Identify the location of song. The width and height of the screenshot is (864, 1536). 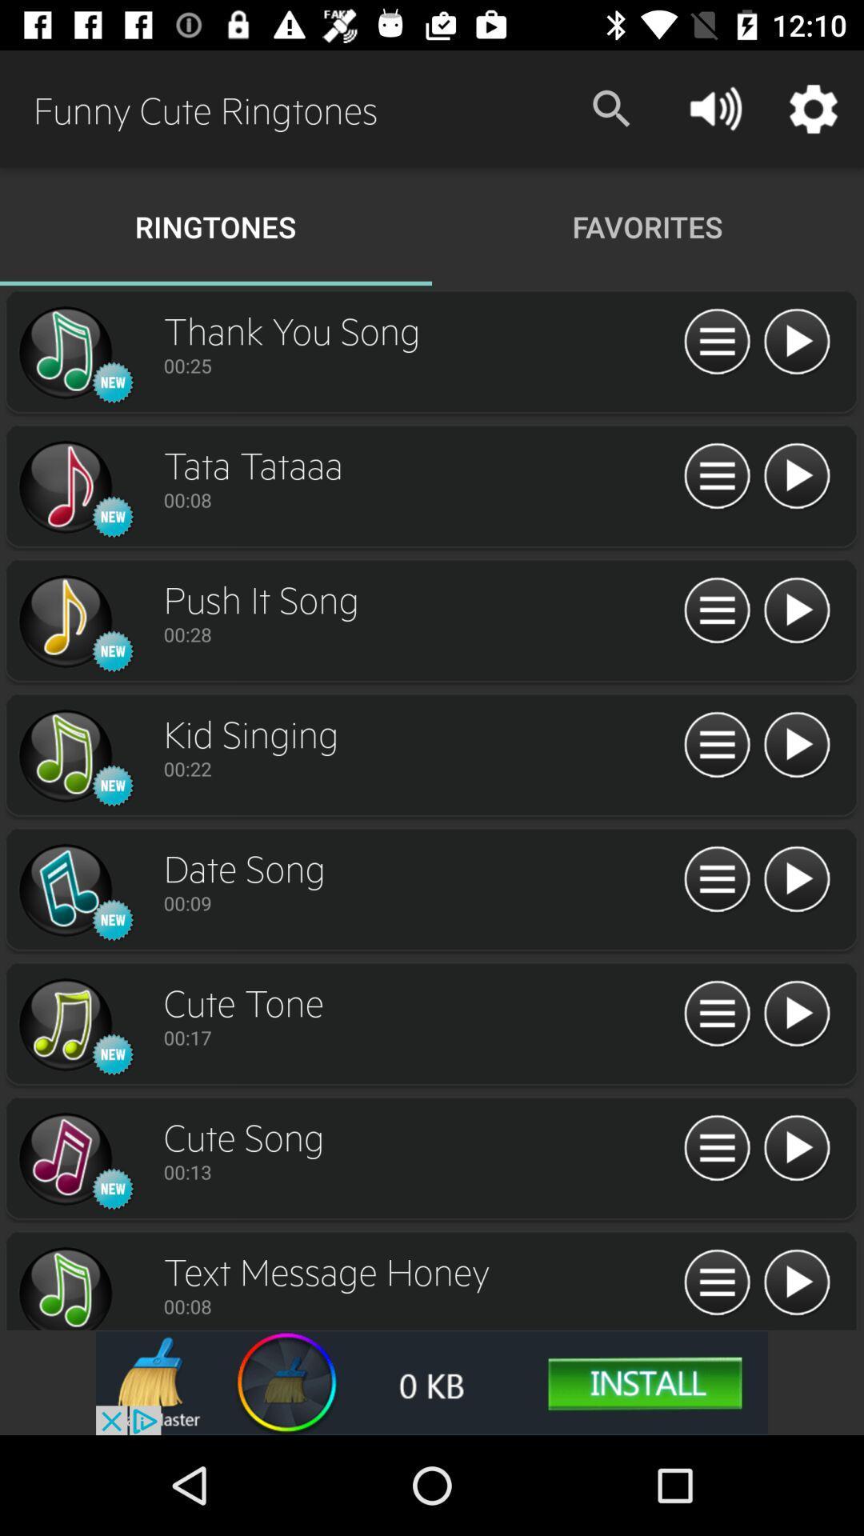
(796, 745).